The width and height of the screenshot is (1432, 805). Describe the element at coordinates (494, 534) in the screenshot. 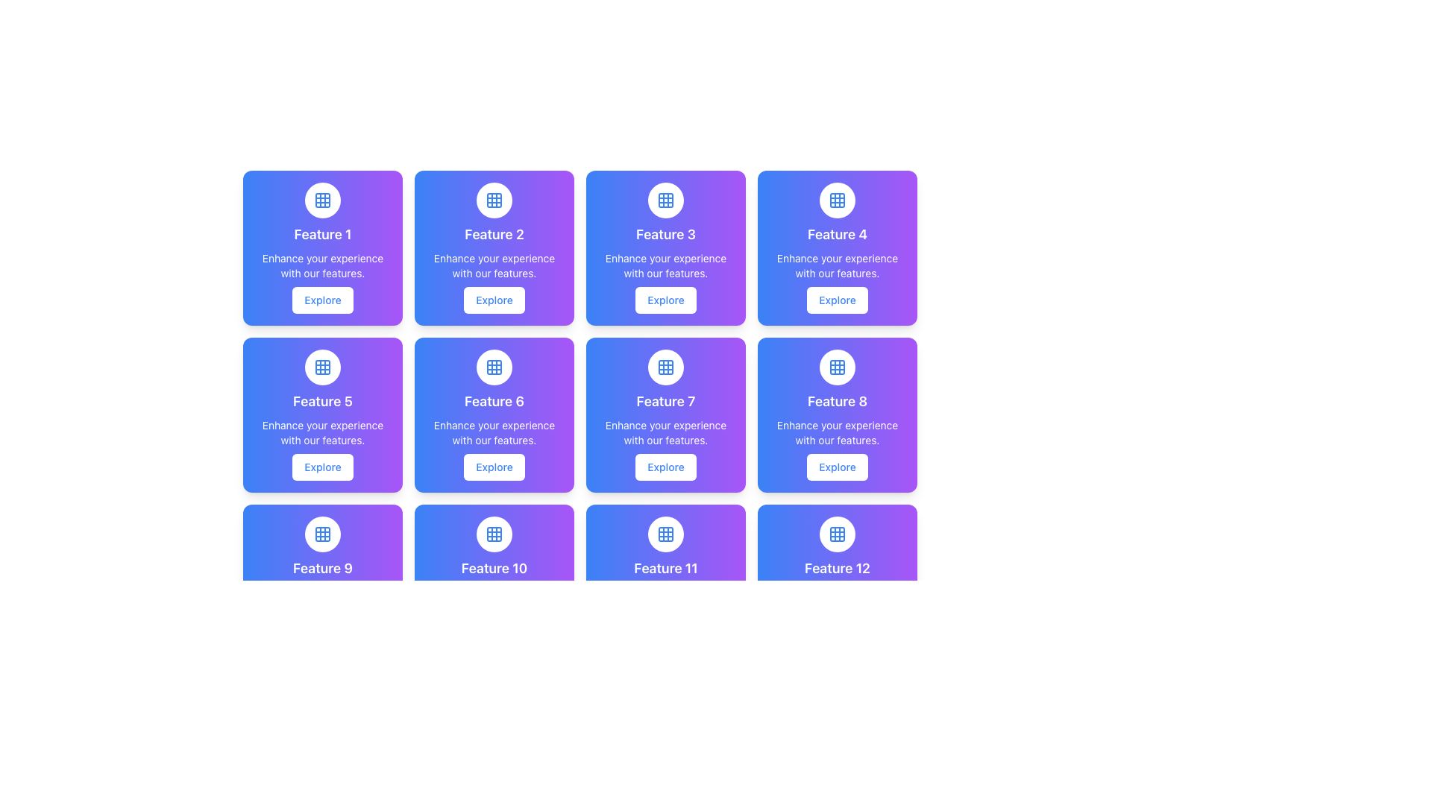

I see `the small square with rounded corners in the SVG grid icon located at the top of the 'Feature 10' card, which is the second card in the last row of the grid layout` at that location.